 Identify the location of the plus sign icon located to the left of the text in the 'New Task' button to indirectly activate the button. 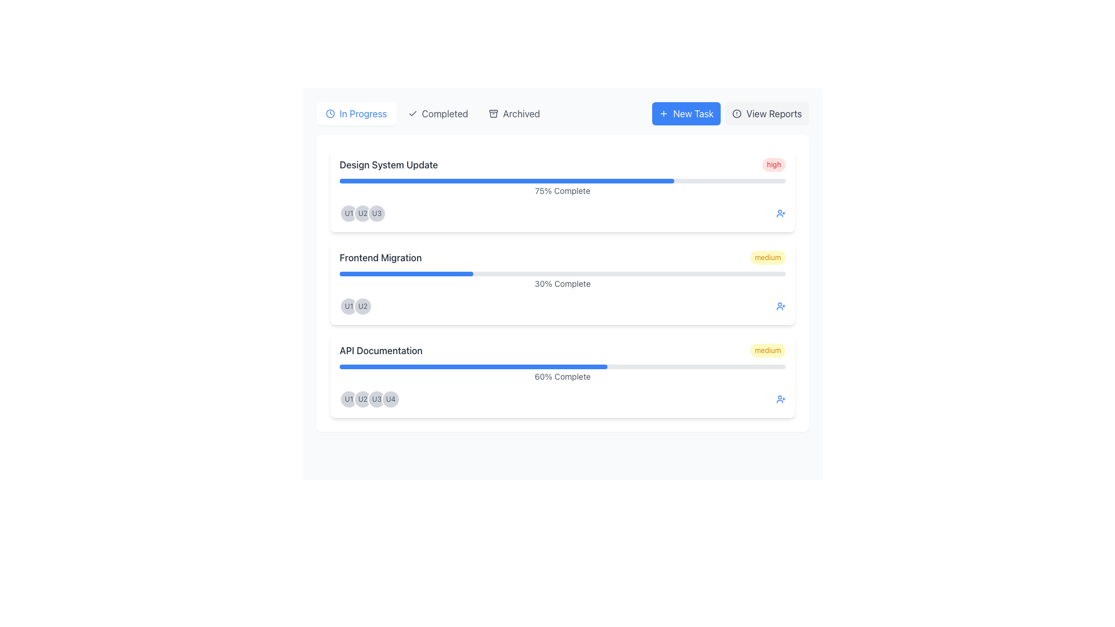
(664, 114).